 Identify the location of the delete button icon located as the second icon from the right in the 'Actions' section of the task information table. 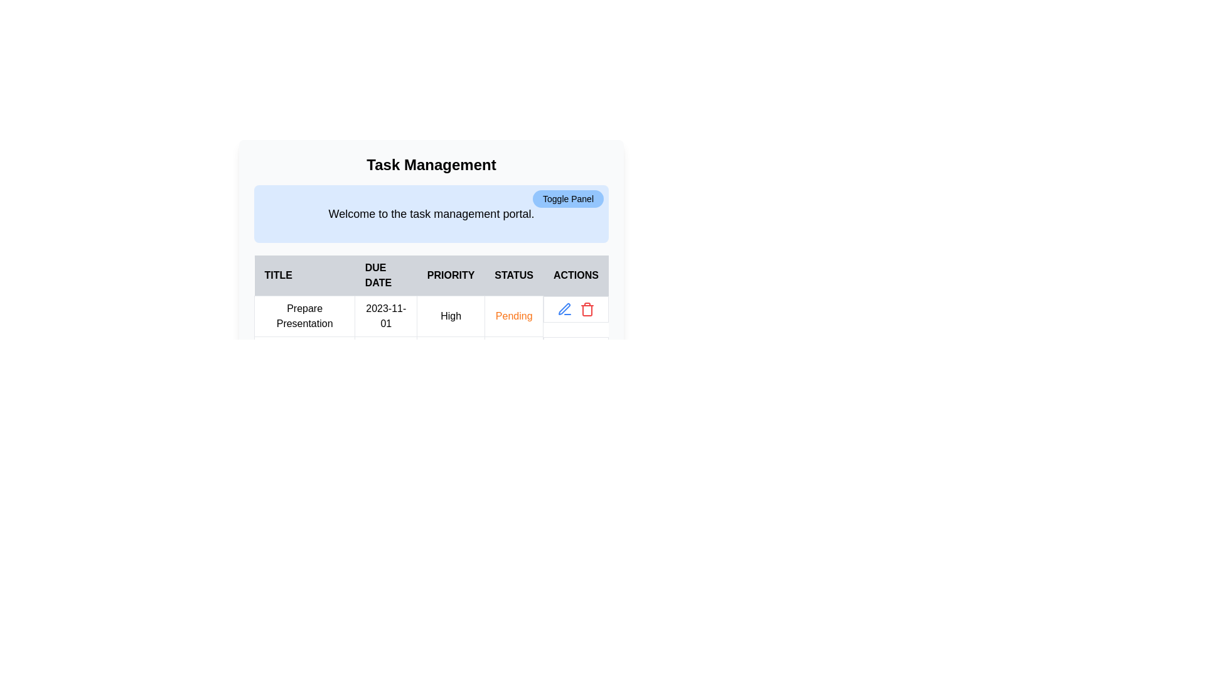
(587, 309).